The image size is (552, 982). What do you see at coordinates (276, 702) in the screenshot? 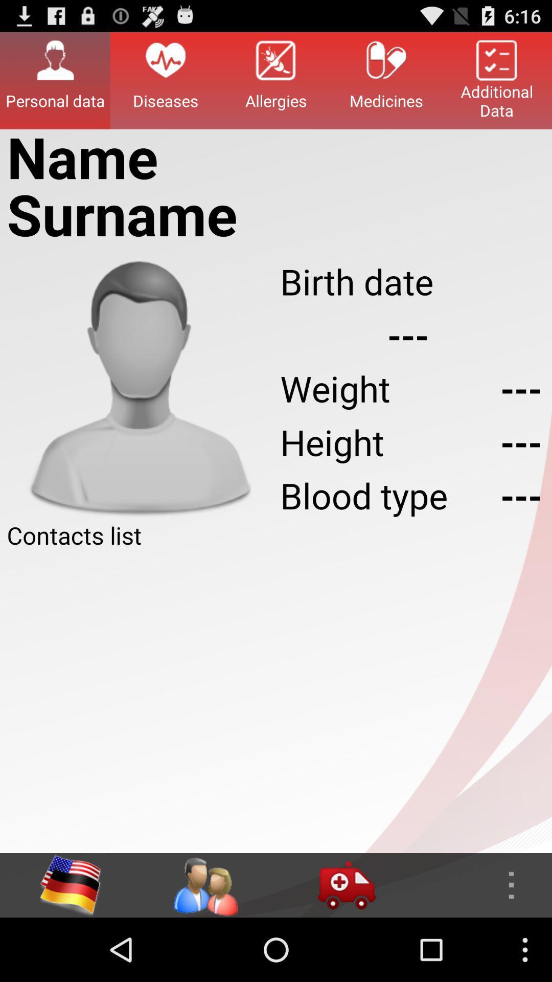
I see `contacts names savings` at bounding box center [276, 702].